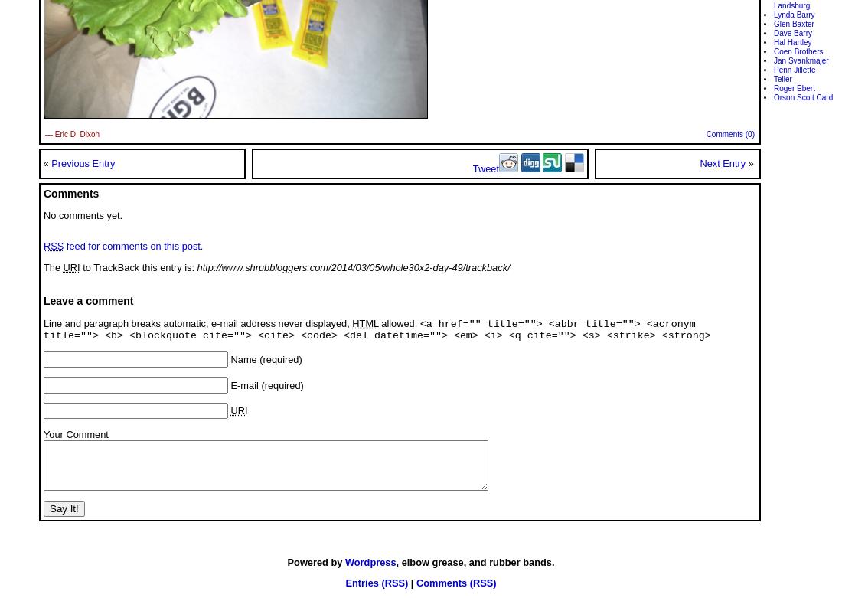  I want to click on 'Dave Barry', so click(792, 33).